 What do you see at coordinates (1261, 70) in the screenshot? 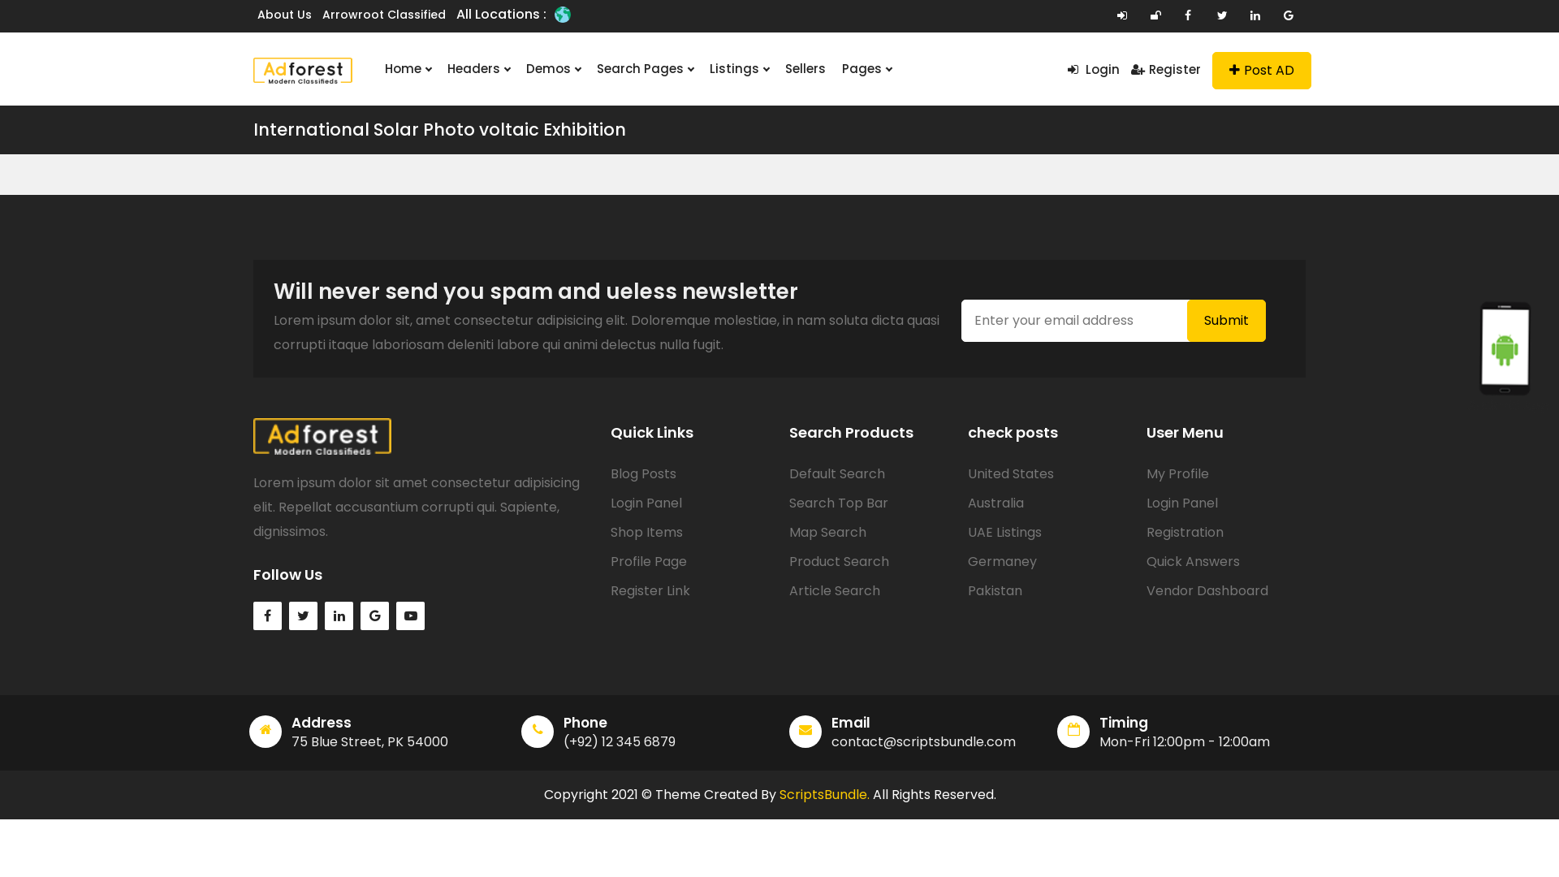
I see `'Post AD'` at bounding box center [1261, 70].